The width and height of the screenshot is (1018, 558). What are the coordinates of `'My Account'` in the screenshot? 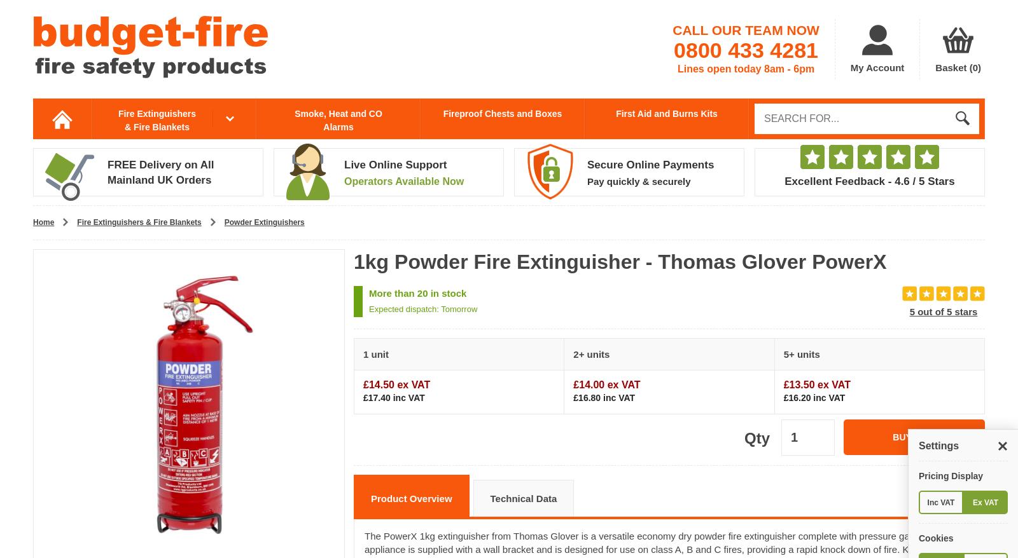 It's located at (876, 67).